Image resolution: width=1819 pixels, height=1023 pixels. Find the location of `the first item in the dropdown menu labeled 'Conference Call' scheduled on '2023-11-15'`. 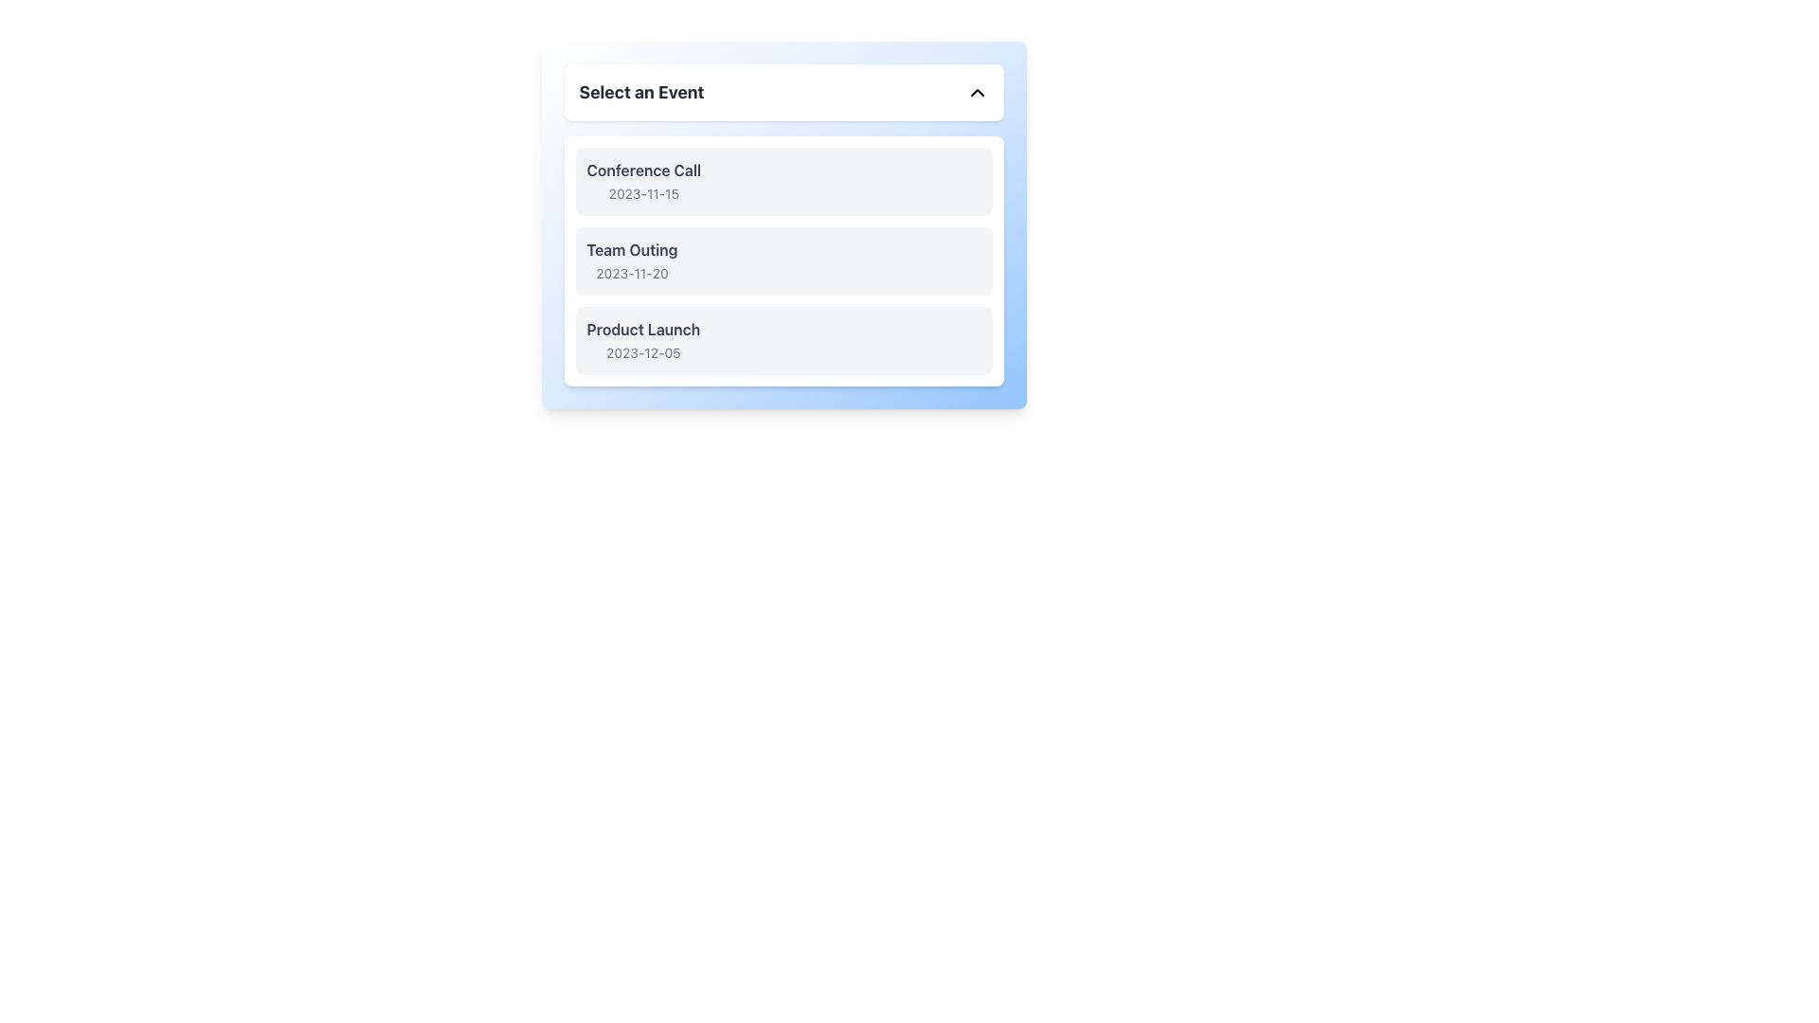

the first item in the dropdown menu labeled 'Conference Call' scheduled on '2023-11-15' is located at coordinates (643, 182).